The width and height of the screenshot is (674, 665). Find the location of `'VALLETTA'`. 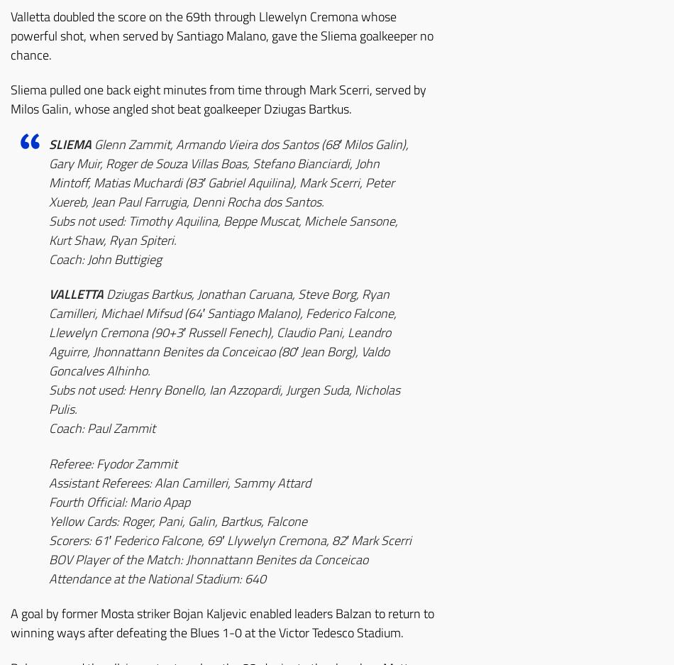

'VALLETTA' is located at coordinates (76, 294).